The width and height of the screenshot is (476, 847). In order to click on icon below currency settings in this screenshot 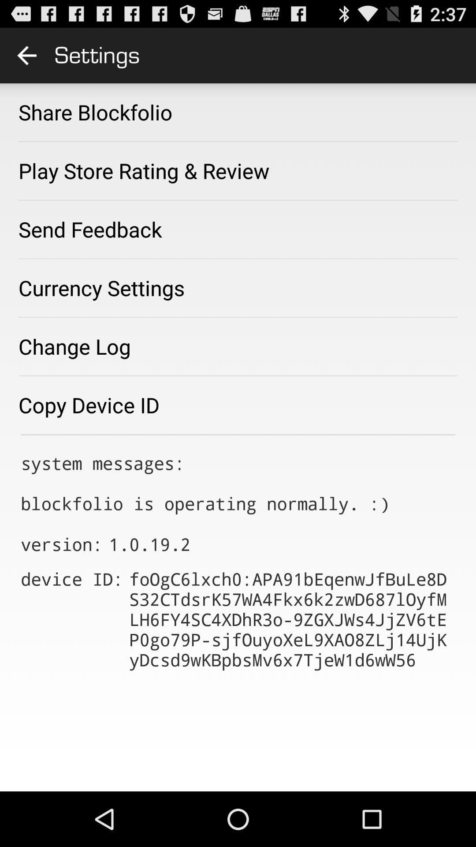, I will do `click(74, 346)`.